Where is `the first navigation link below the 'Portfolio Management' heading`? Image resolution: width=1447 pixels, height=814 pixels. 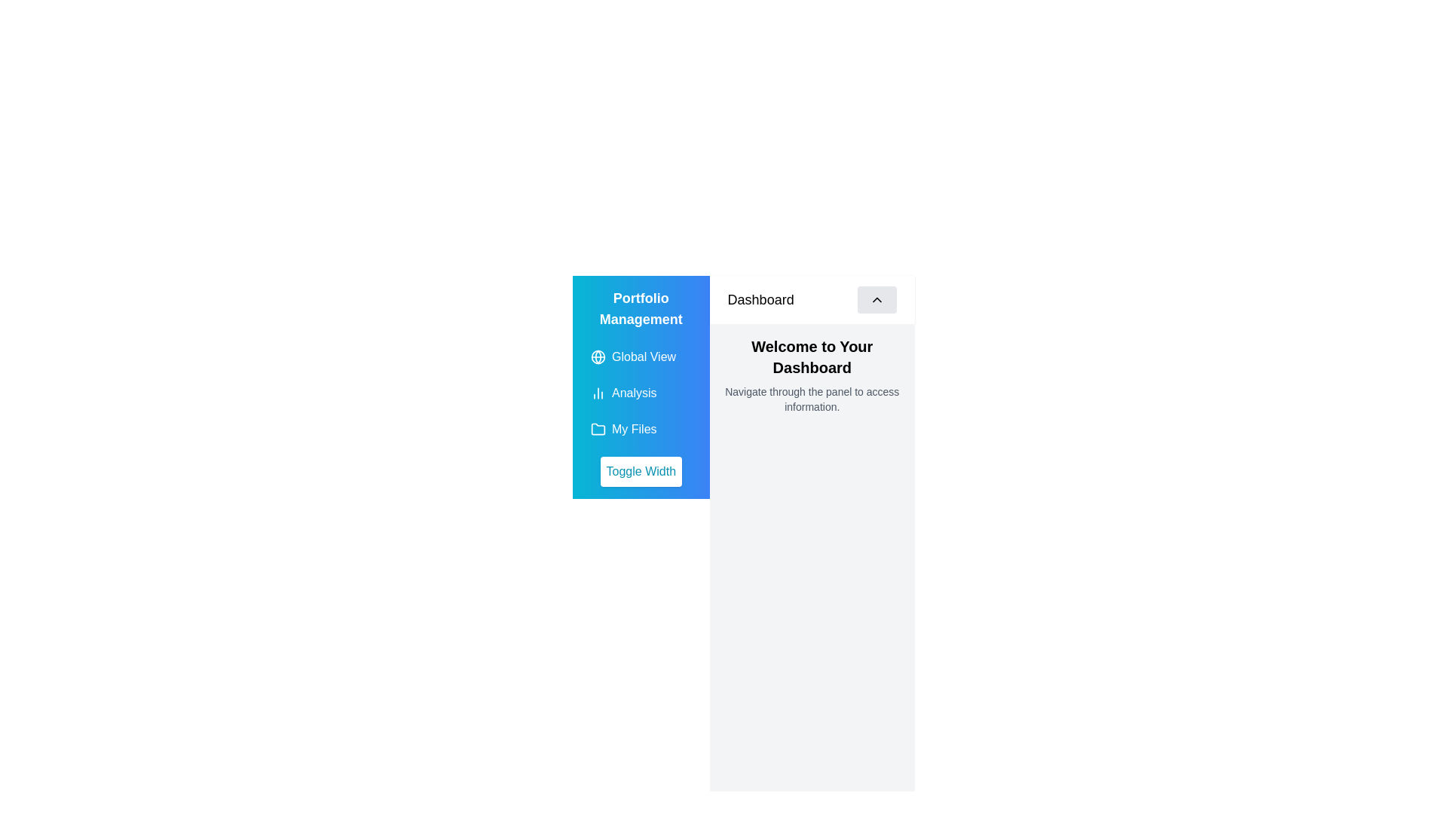 the first navigation link below the 'Portfolio Management' heading is located at coordinates (641, 357).